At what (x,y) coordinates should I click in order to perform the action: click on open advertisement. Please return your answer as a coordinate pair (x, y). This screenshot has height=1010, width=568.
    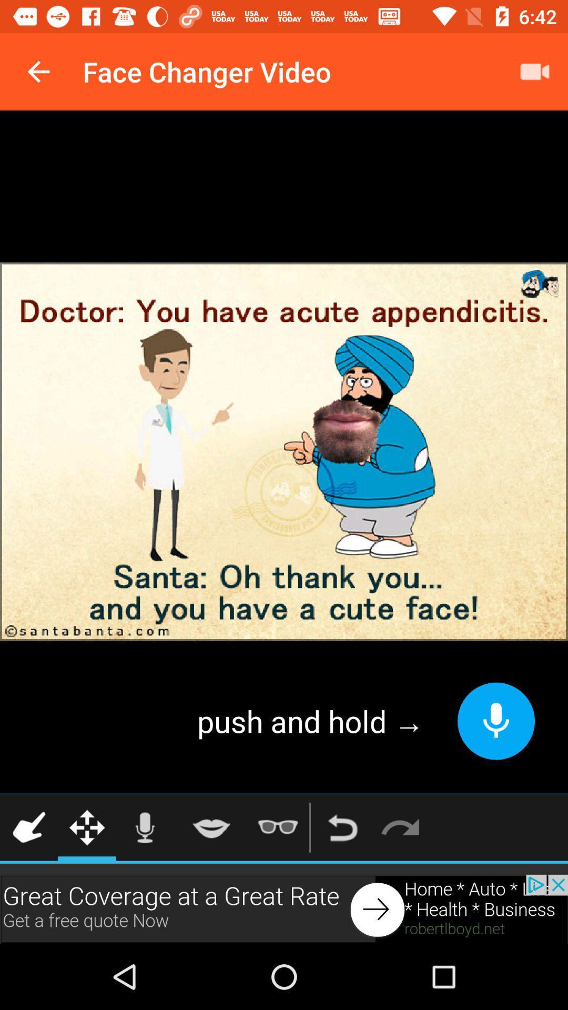
    Looking at the image, I should click on (284, 908).